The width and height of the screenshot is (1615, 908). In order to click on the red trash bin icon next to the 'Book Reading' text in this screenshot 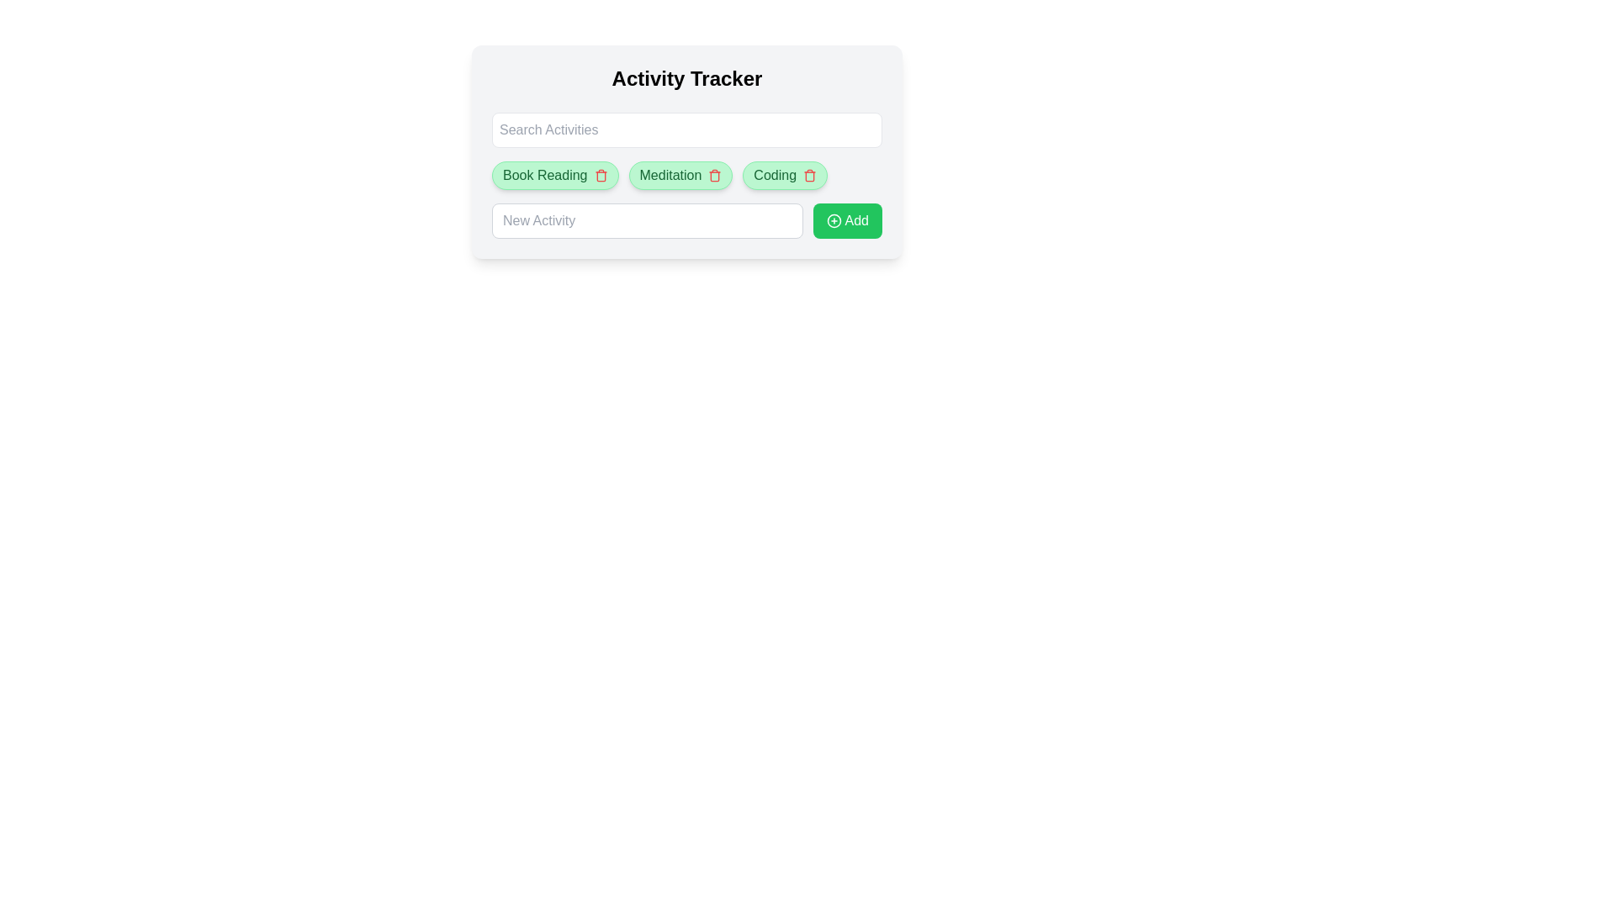, I will do `click(601, 175)`.